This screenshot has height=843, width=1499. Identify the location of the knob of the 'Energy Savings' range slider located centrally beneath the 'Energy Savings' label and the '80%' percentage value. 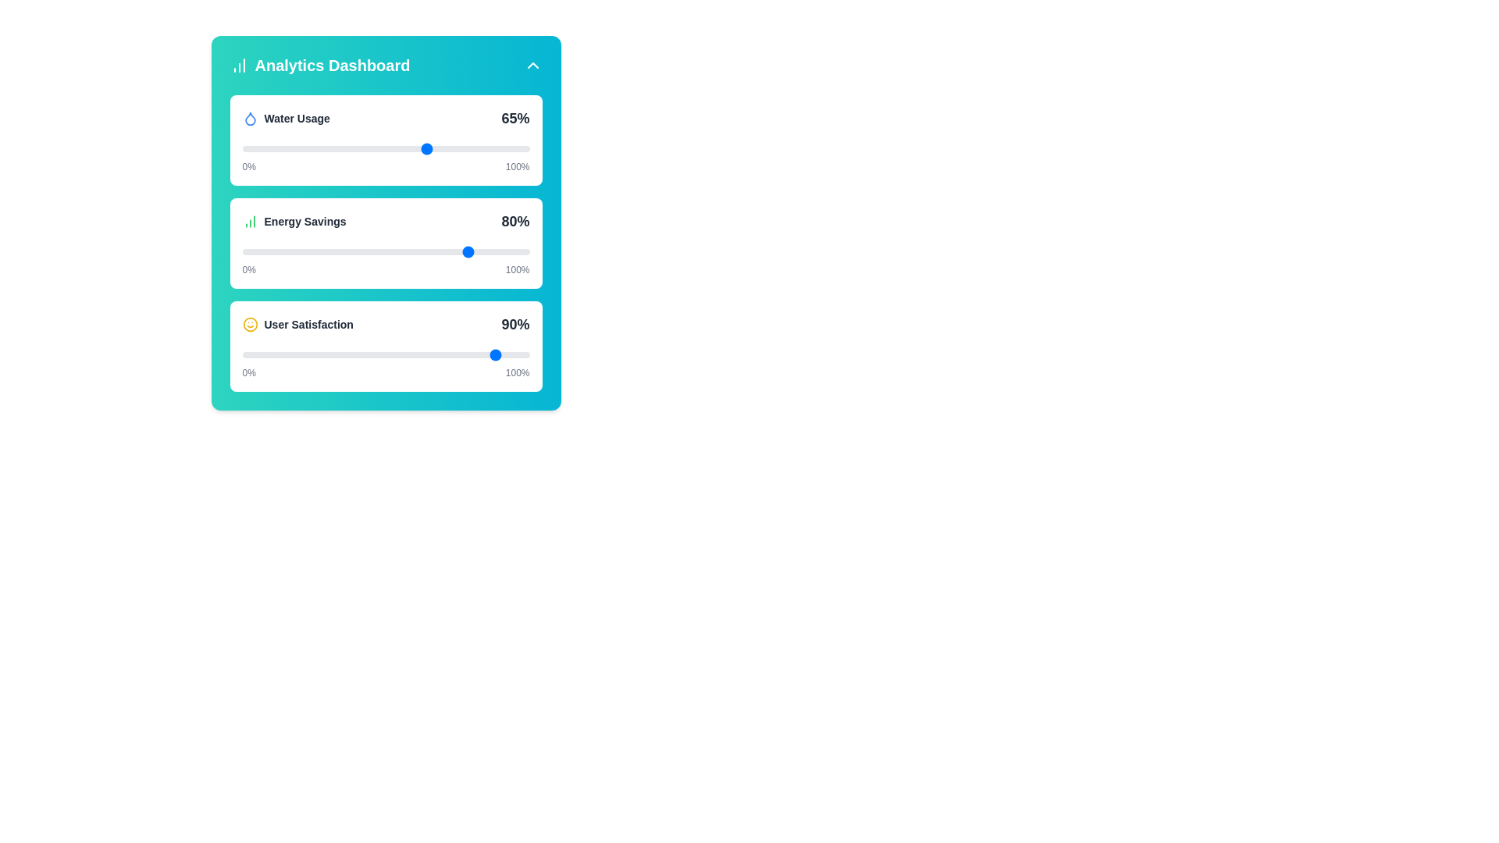
(386, 251).